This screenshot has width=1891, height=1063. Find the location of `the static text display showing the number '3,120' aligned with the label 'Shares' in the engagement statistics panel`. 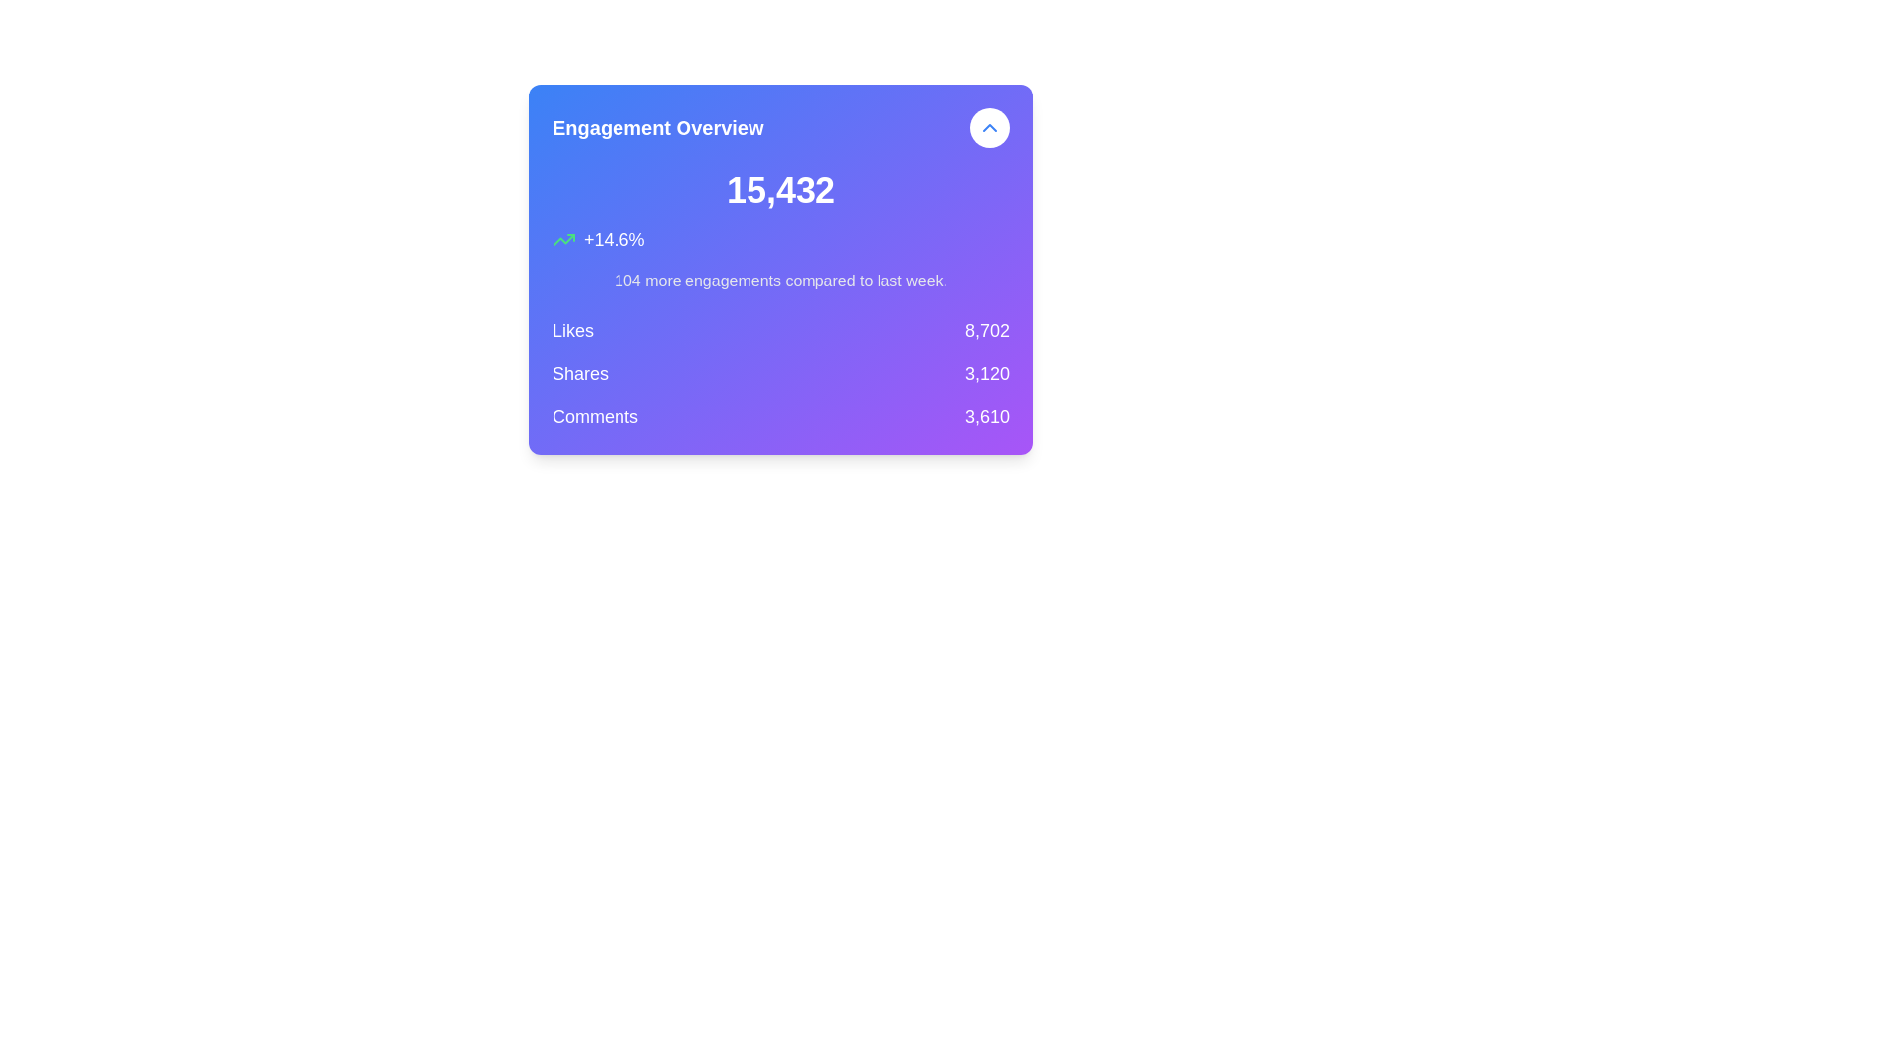

the static text display showing the number '3,120' aligned with the label 'Shares' in the engagement statistics panel is located at coordinates (987, 374).